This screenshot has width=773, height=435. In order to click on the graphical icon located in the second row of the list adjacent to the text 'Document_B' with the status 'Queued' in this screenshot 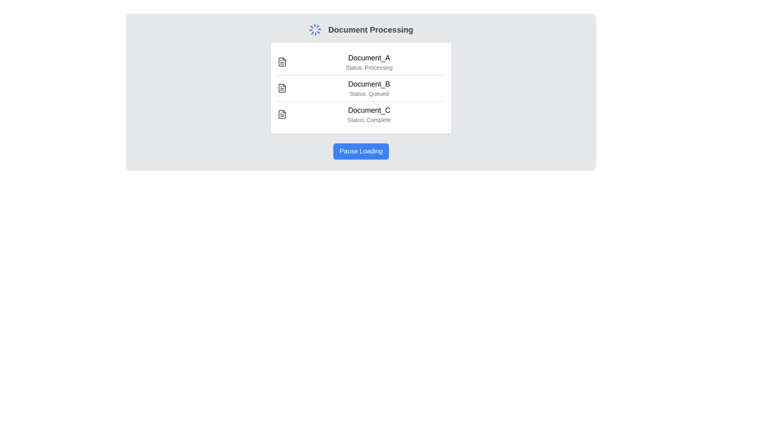, I will do `click(282, 88)`.